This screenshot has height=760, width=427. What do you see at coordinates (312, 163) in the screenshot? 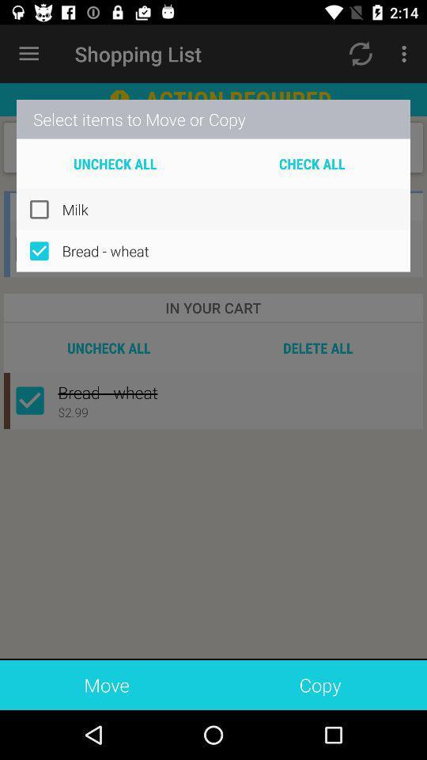
I see `the check all at the top right corner` at bounding box center [312, 163].